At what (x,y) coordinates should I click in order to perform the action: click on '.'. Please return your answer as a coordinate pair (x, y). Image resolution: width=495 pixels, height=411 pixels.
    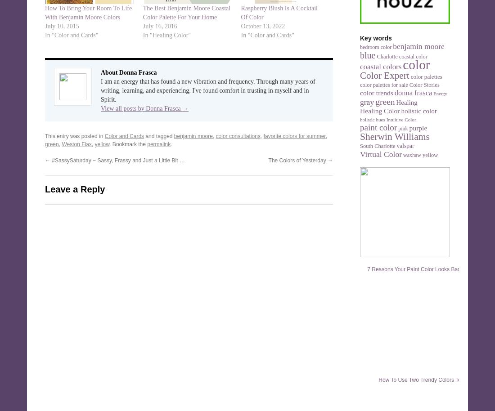
    Looking at the image, I should click on (171, 144).